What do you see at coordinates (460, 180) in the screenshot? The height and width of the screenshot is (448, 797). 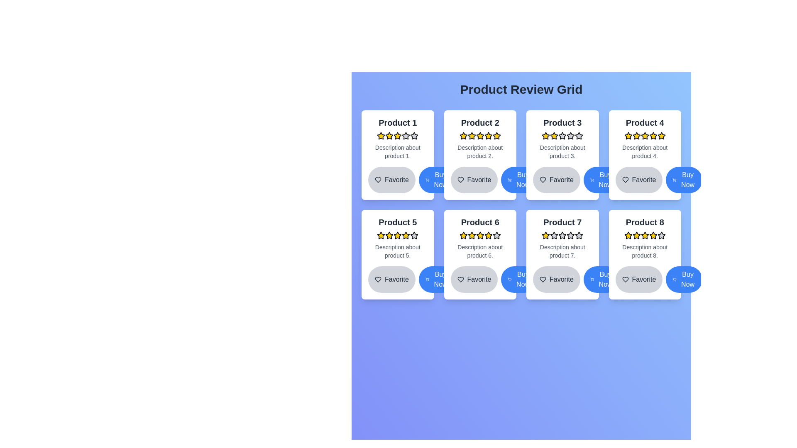 I see `the heart icon button within the second product card in the first row to mark the product as a favorite` at bounding box center [460, 180].